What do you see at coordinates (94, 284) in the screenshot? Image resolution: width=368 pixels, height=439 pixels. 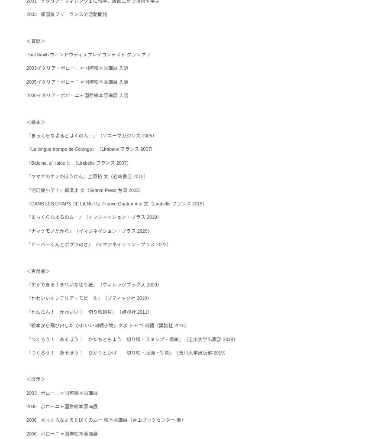 I see `'『すぐできる！きれいな切り紙』（ヴィレッジブックス 2009）'` at bounding box center [94, 284].